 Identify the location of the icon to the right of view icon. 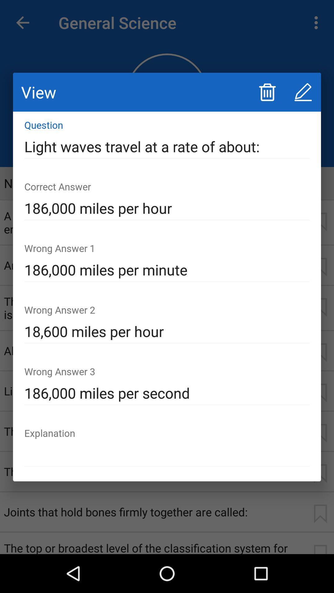
(267, 92).